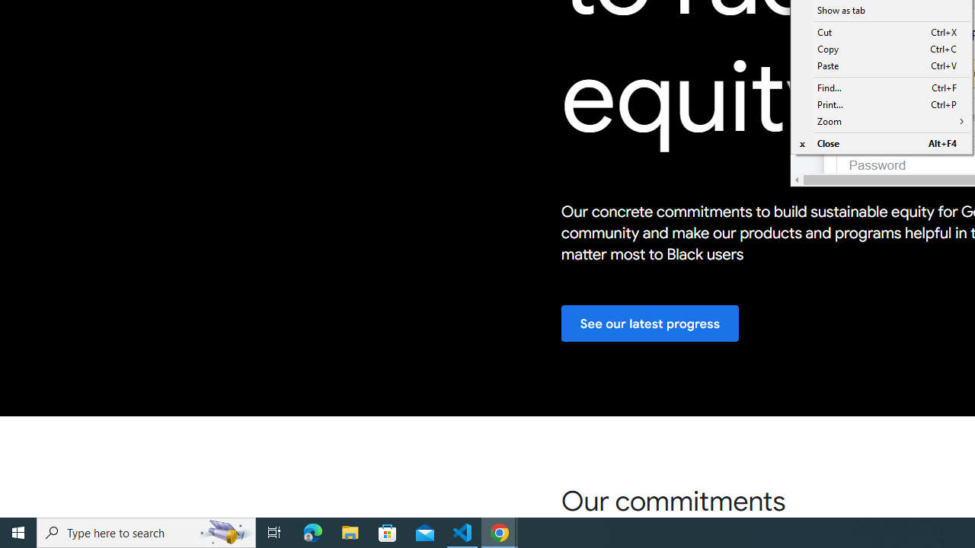  What do you see at coordinates (18, 531) in the screenshot?
I see `'Start'` at bounding box center [18, 531].